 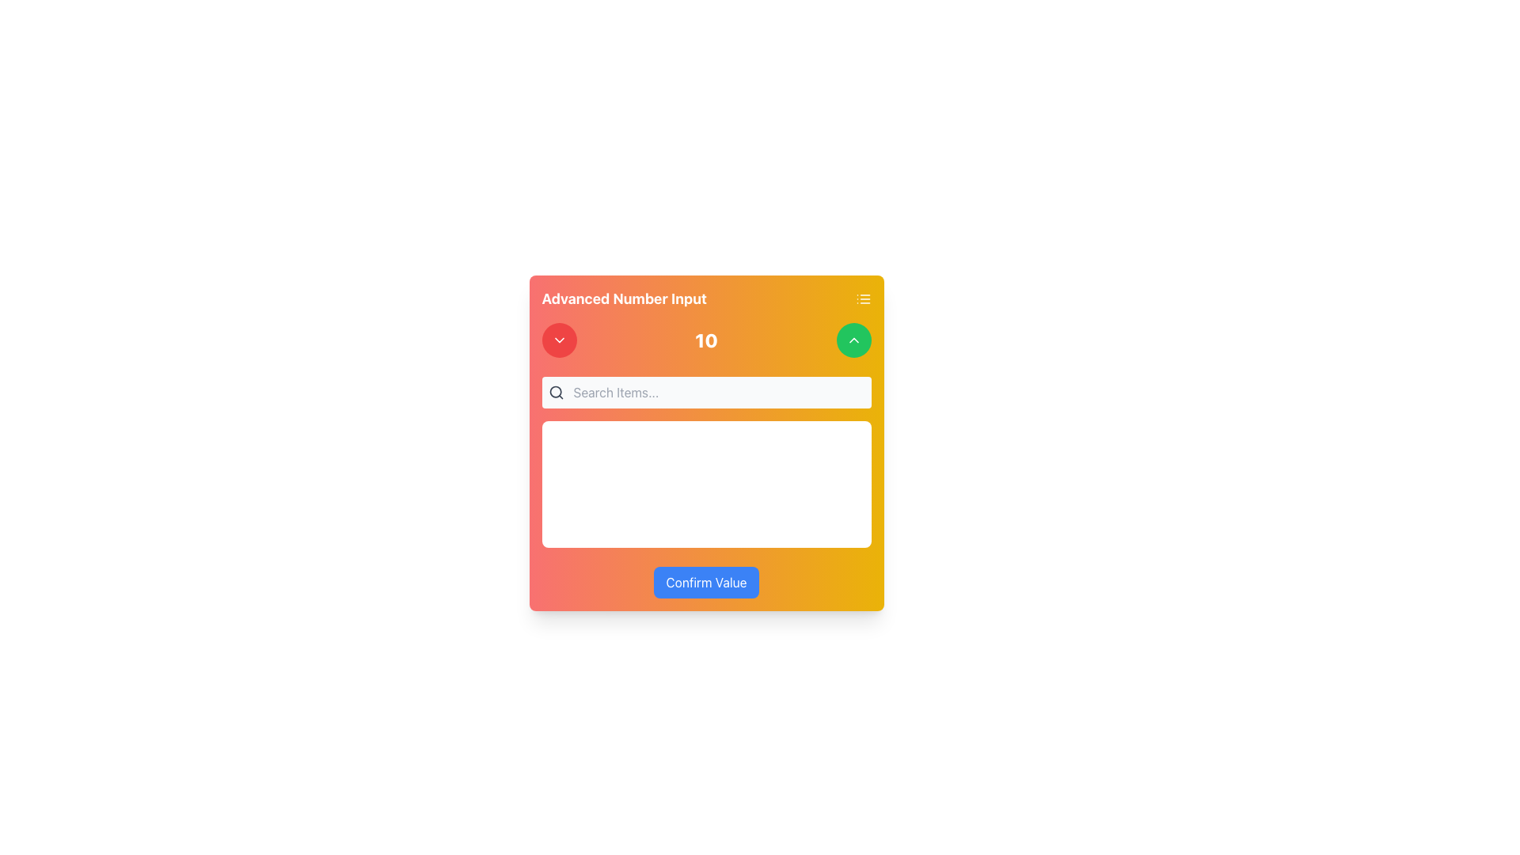 What do you see at coordinates (559, 339) in the screenshot?
I see `the downward-pointing chevron icon located centrally within the red circular button beneath the 'Advanced Number Input' header` at bounding box center [559, 339].